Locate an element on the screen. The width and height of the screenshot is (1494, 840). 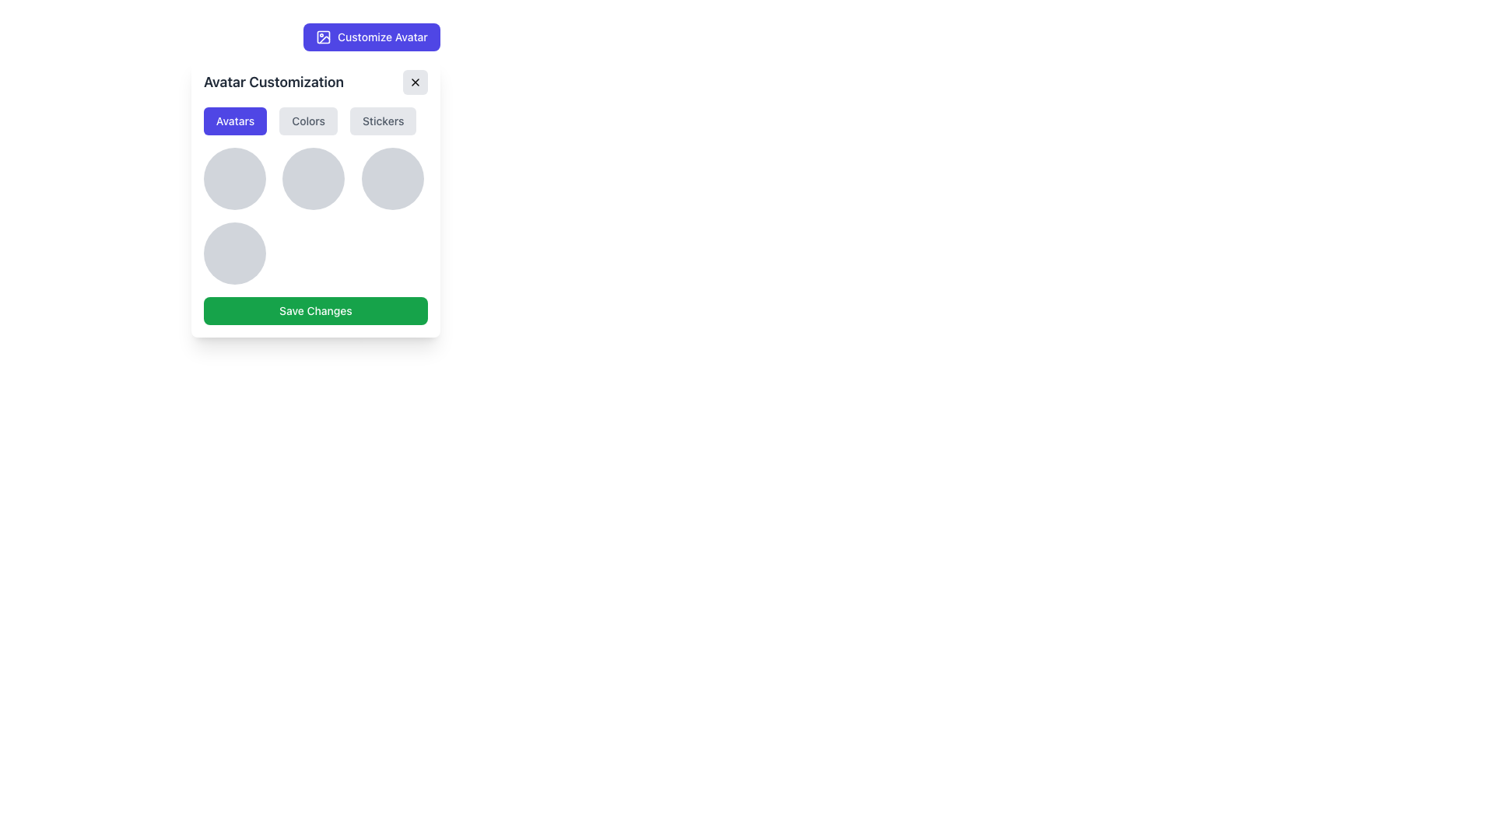
the first selectable circular option in the 'Avatar Customization' section is located at coordinates (233, 178).